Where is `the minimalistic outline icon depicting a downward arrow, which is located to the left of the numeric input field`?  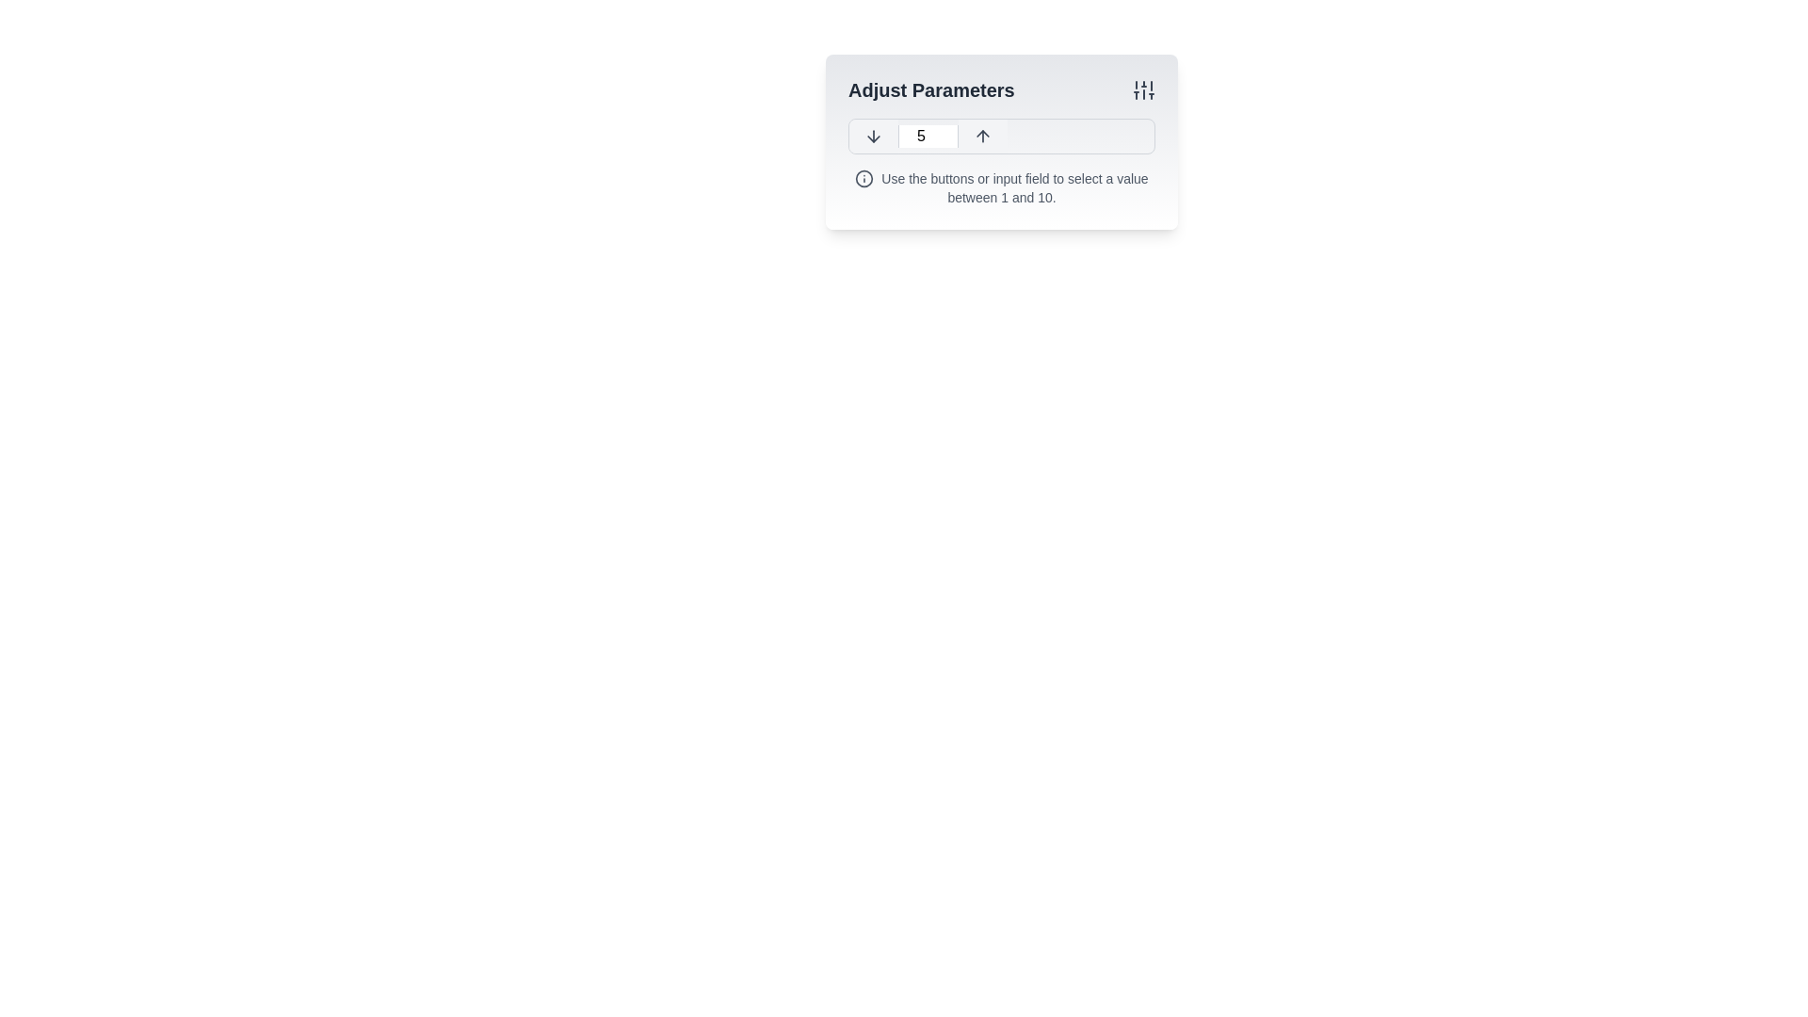
the minimalistic outline icon depicting a downward arrow, which is located to the left of the numeric input field is located at coordinates (872, 136).